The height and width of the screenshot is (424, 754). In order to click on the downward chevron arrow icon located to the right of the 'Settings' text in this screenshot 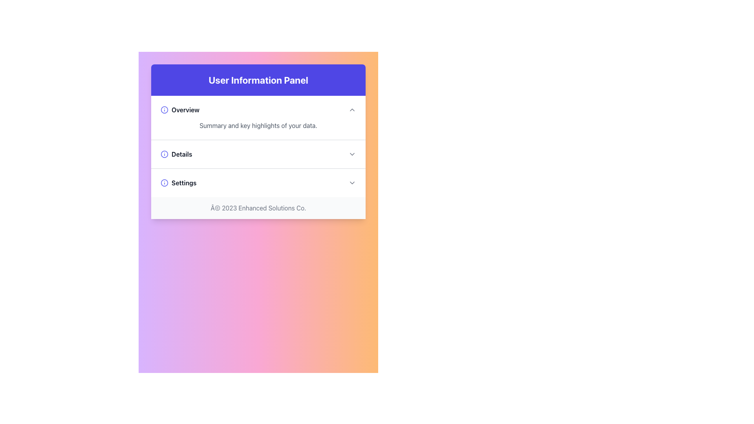, I will do `click(352, 183)`.